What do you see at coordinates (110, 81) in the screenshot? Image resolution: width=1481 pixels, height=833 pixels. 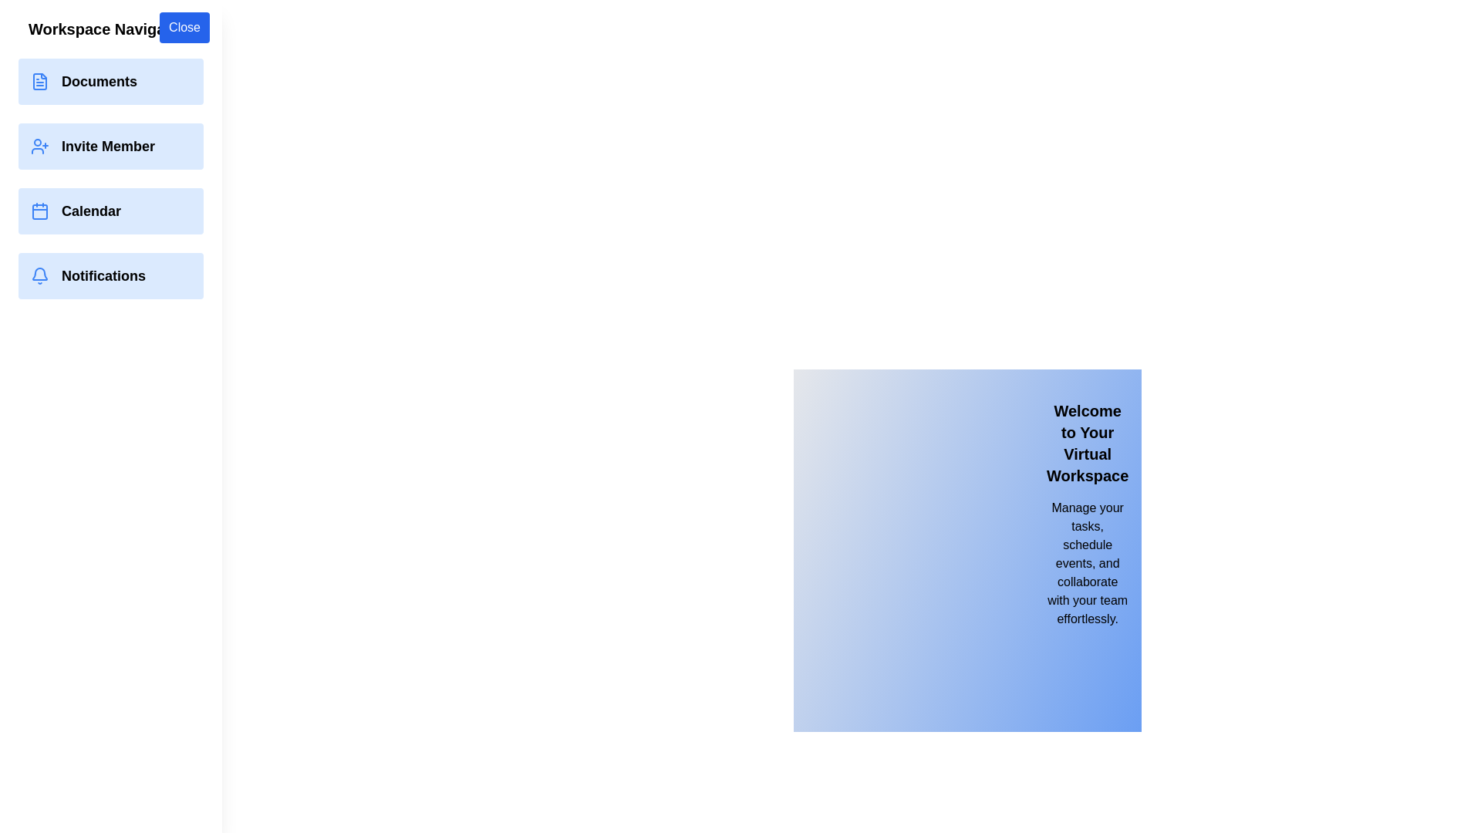 I see `the menu item Documents to observe its hover effect` at bounding box center [110, 81].